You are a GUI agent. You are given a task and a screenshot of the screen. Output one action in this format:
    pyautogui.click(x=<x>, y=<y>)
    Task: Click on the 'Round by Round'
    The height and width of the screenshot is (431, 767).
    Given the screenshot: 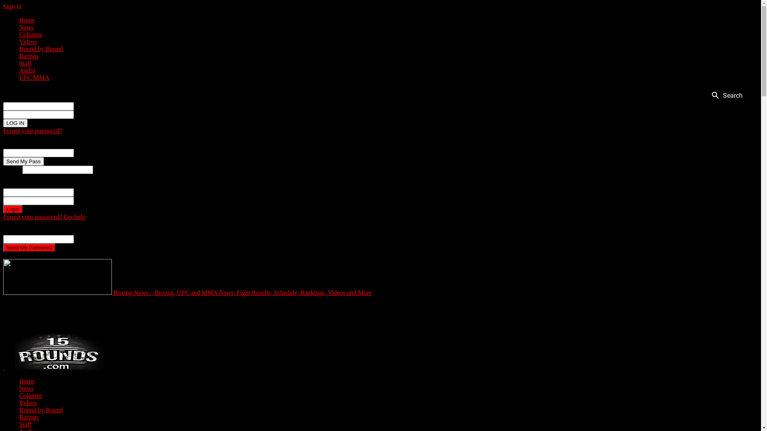 What is the action you would take?
    pyautogui.click(x=40, y=49)
    